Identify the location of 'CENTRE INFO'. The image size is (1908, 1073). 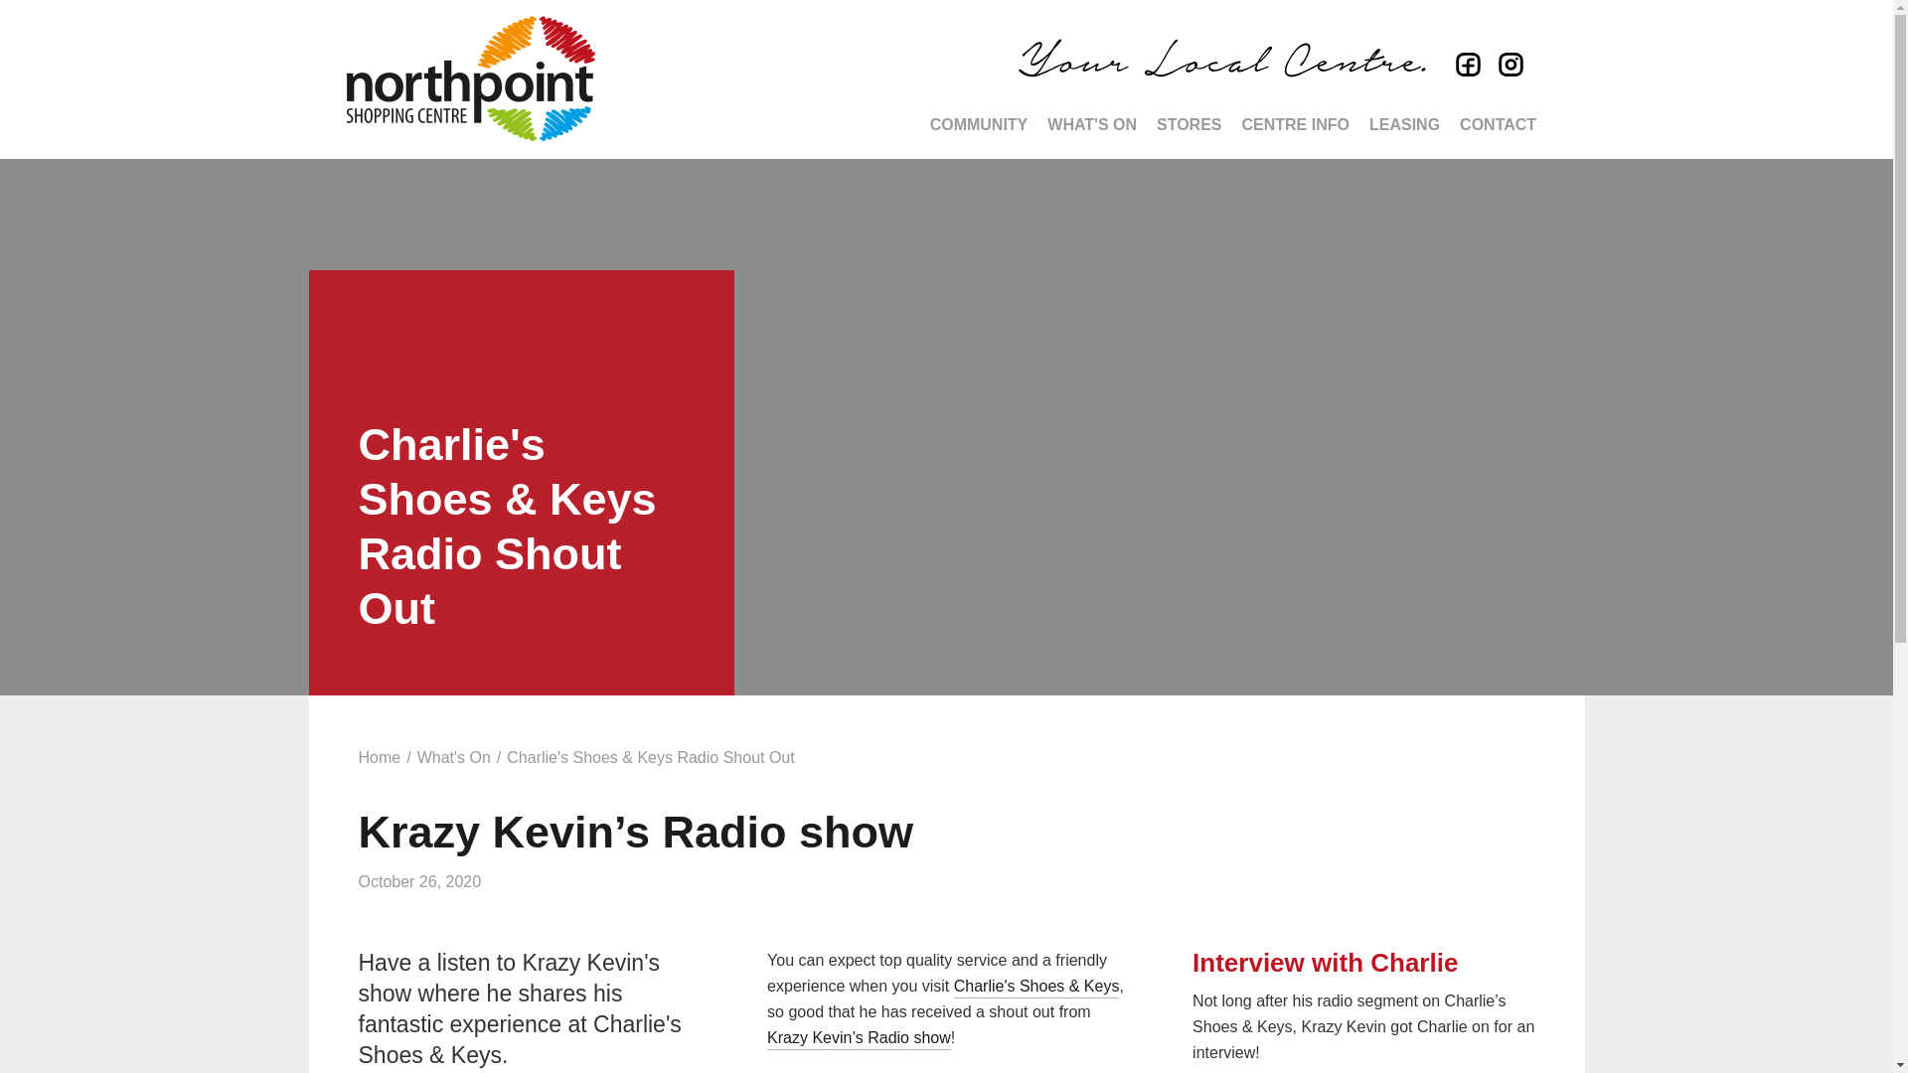
(1230, 125).